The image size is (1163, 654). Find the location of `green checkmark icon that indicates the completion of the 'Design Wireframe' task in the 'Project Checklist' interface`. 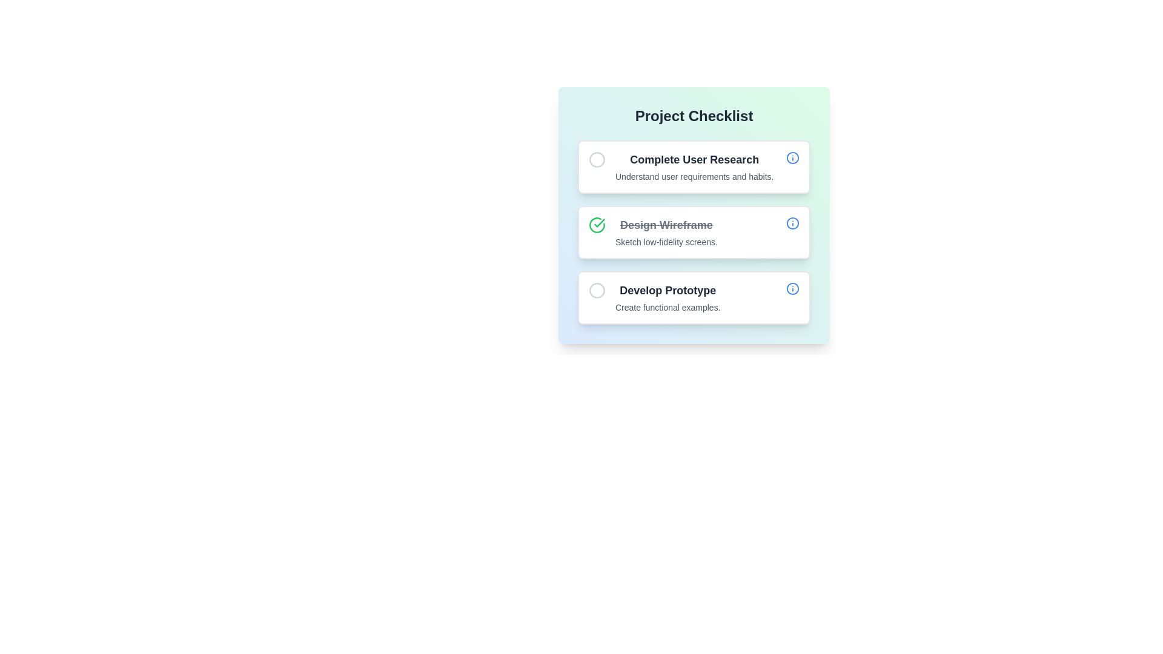

green checkmark icon that indicates the completion of the 'Design Wireframe' task in the 'Project Checklist' interface is located at coordinates (600, 223).